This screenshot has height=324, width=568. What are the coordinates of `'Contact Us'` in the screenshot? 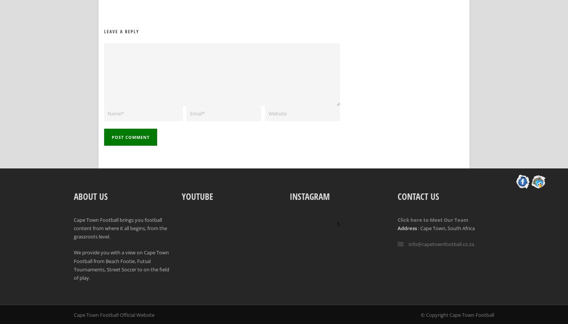 It's located at (418, 196).